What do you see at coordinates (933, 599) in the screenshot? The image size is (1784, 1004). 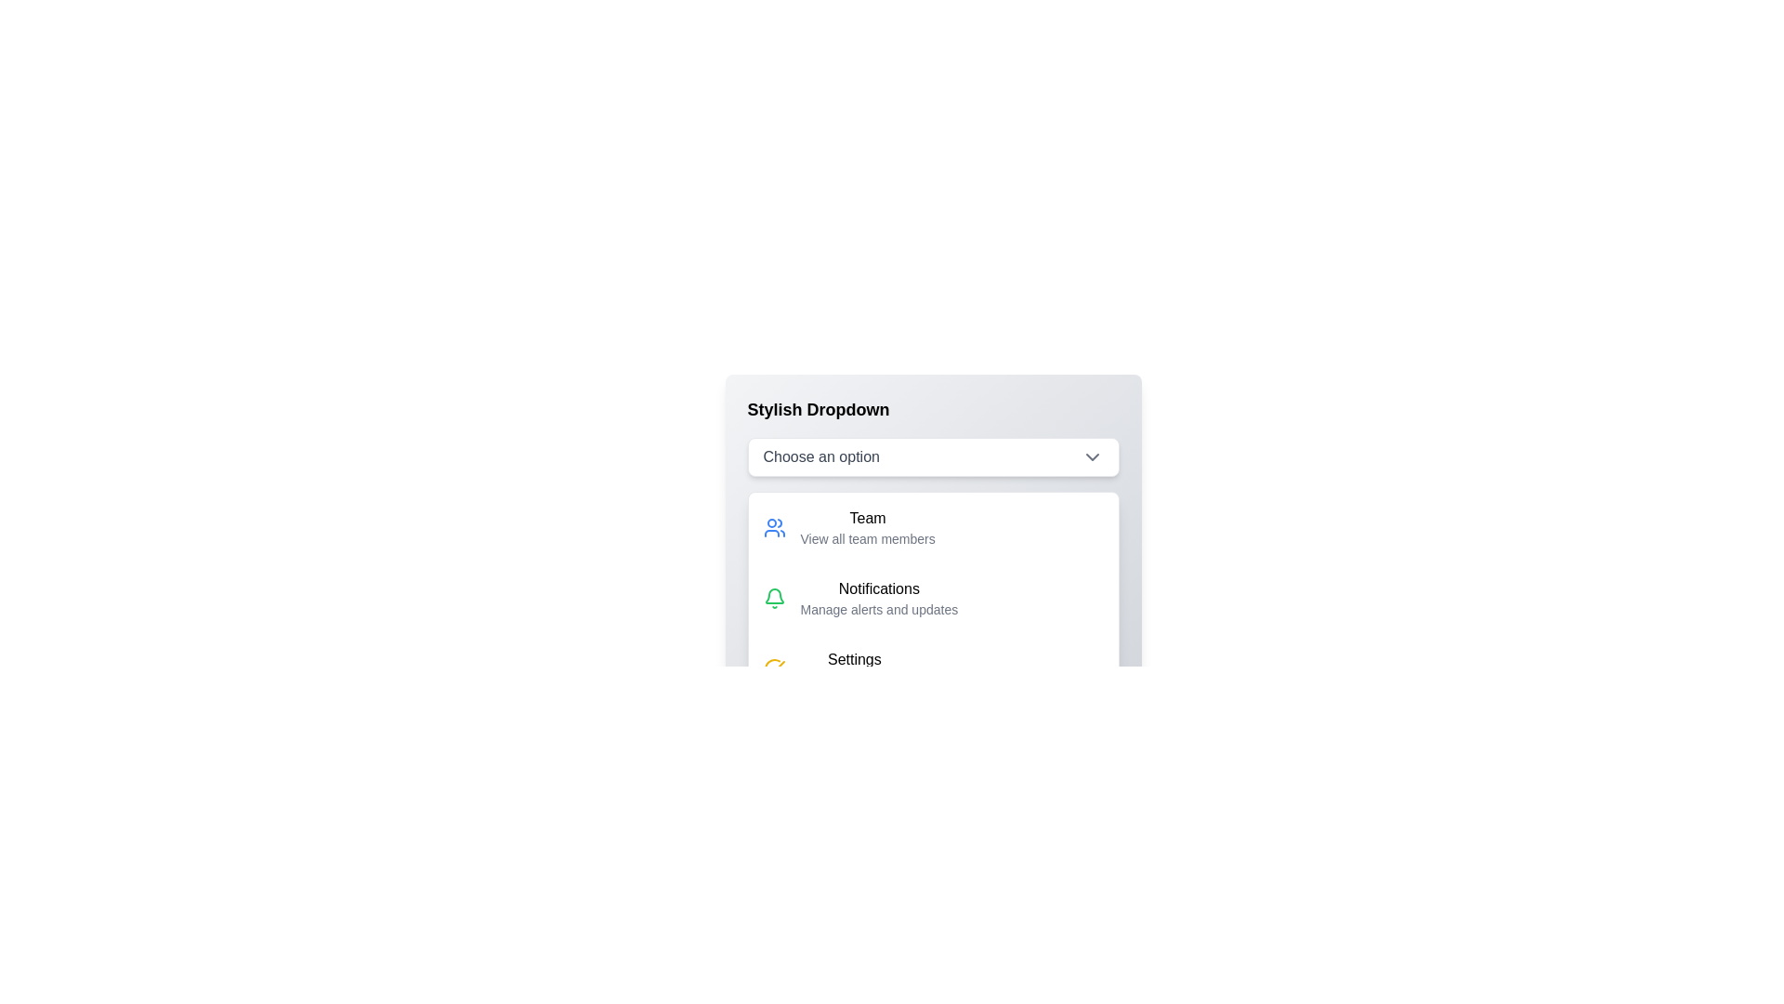 I see `the second item in the dropdown menu labeled 'Notifications'` at bounding box center [933, 599].